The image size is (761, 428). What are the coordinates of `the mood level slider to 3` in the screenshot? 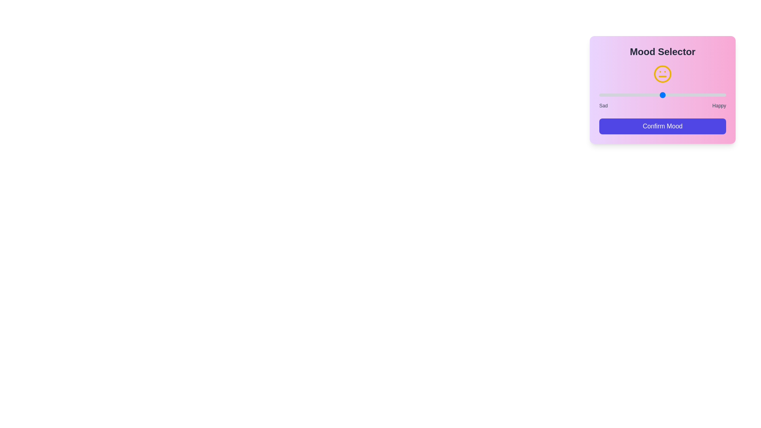 It's located at (662, 94).